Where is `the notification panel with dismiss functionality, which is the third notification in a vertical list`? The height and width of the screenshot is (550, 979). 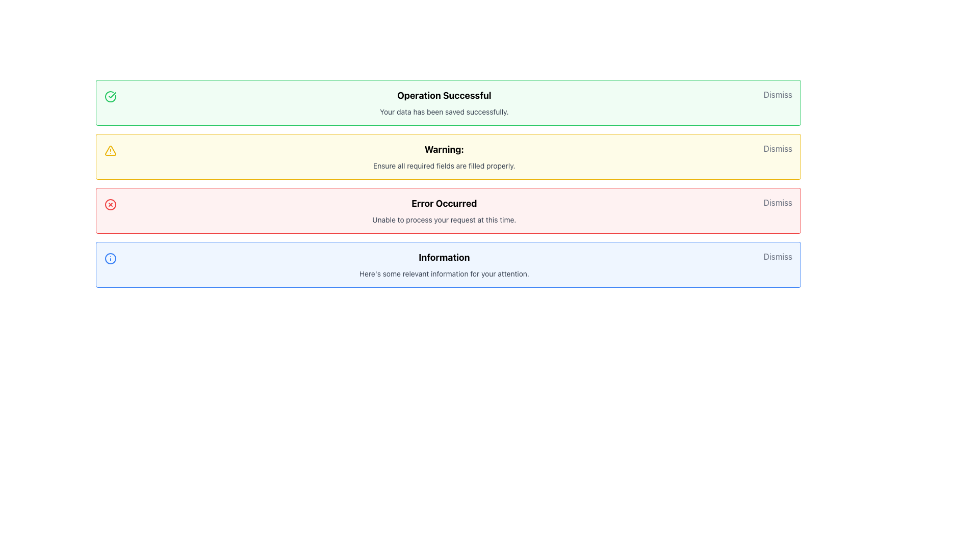 the notification panel with dismiss functionality, which is the third notification in a vertical list is located at coordinates (448, 210).